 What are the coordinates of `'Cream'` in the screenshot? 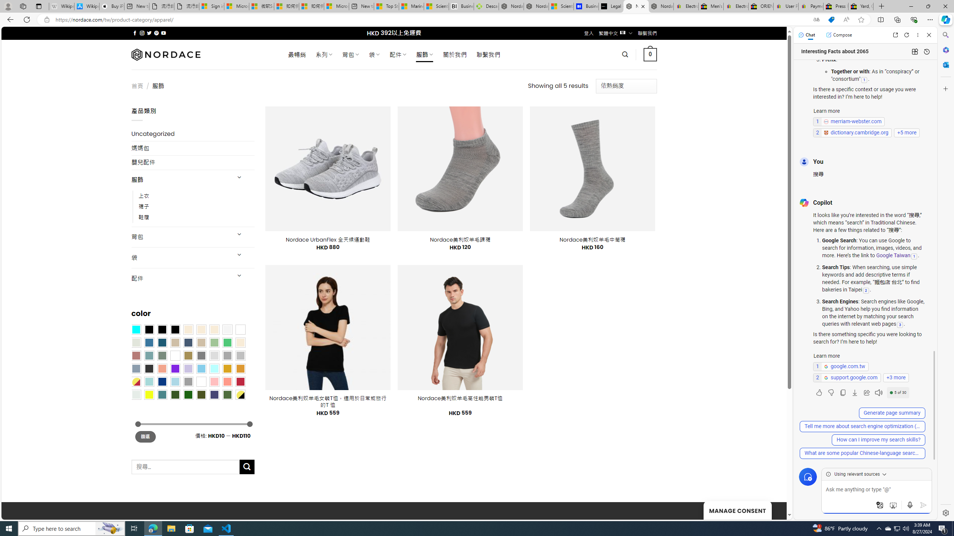 It's located at (214, 329).